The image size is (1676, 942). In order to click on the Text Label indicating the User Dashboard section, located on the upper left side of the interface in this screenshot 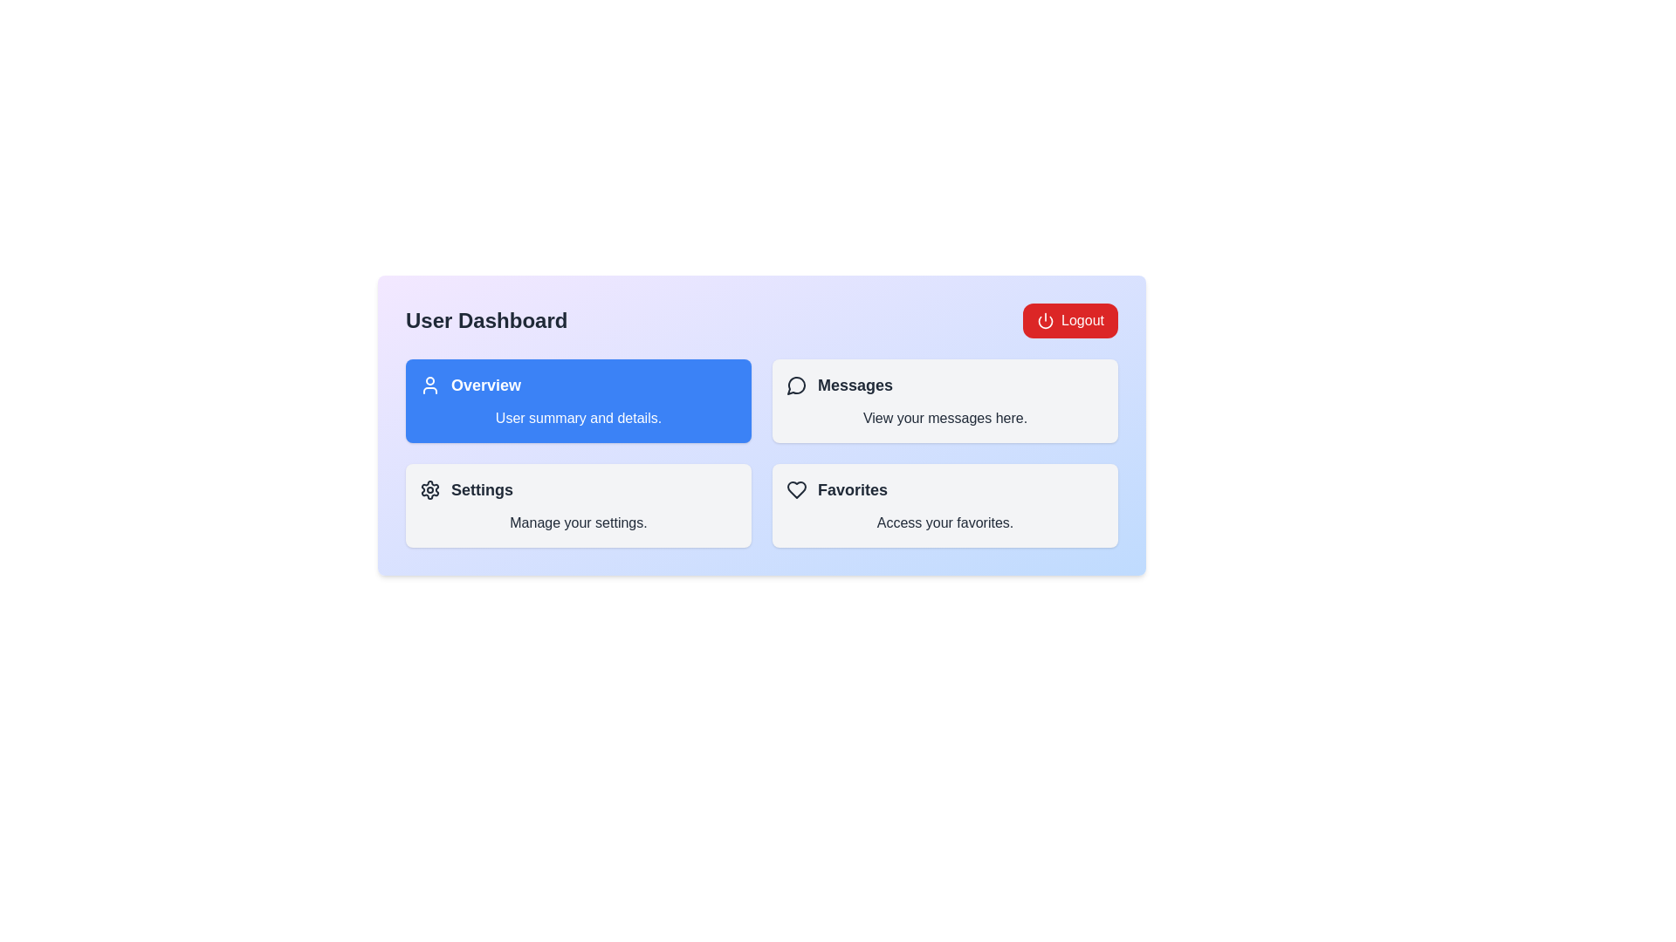, I will do `click(486, 320)`.